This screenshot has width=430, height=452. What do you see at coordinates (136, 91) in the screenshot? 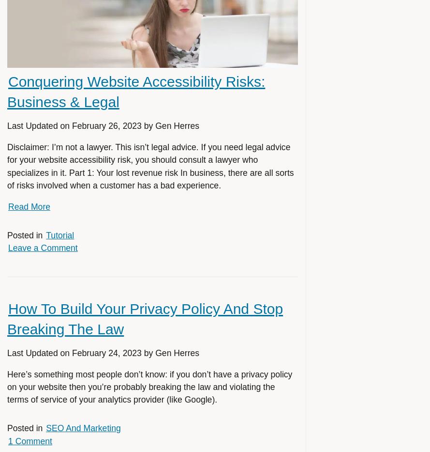
I see `'Conquering Website Accessibility Risks: Business & Legal'` at bounding box center [136, 91].